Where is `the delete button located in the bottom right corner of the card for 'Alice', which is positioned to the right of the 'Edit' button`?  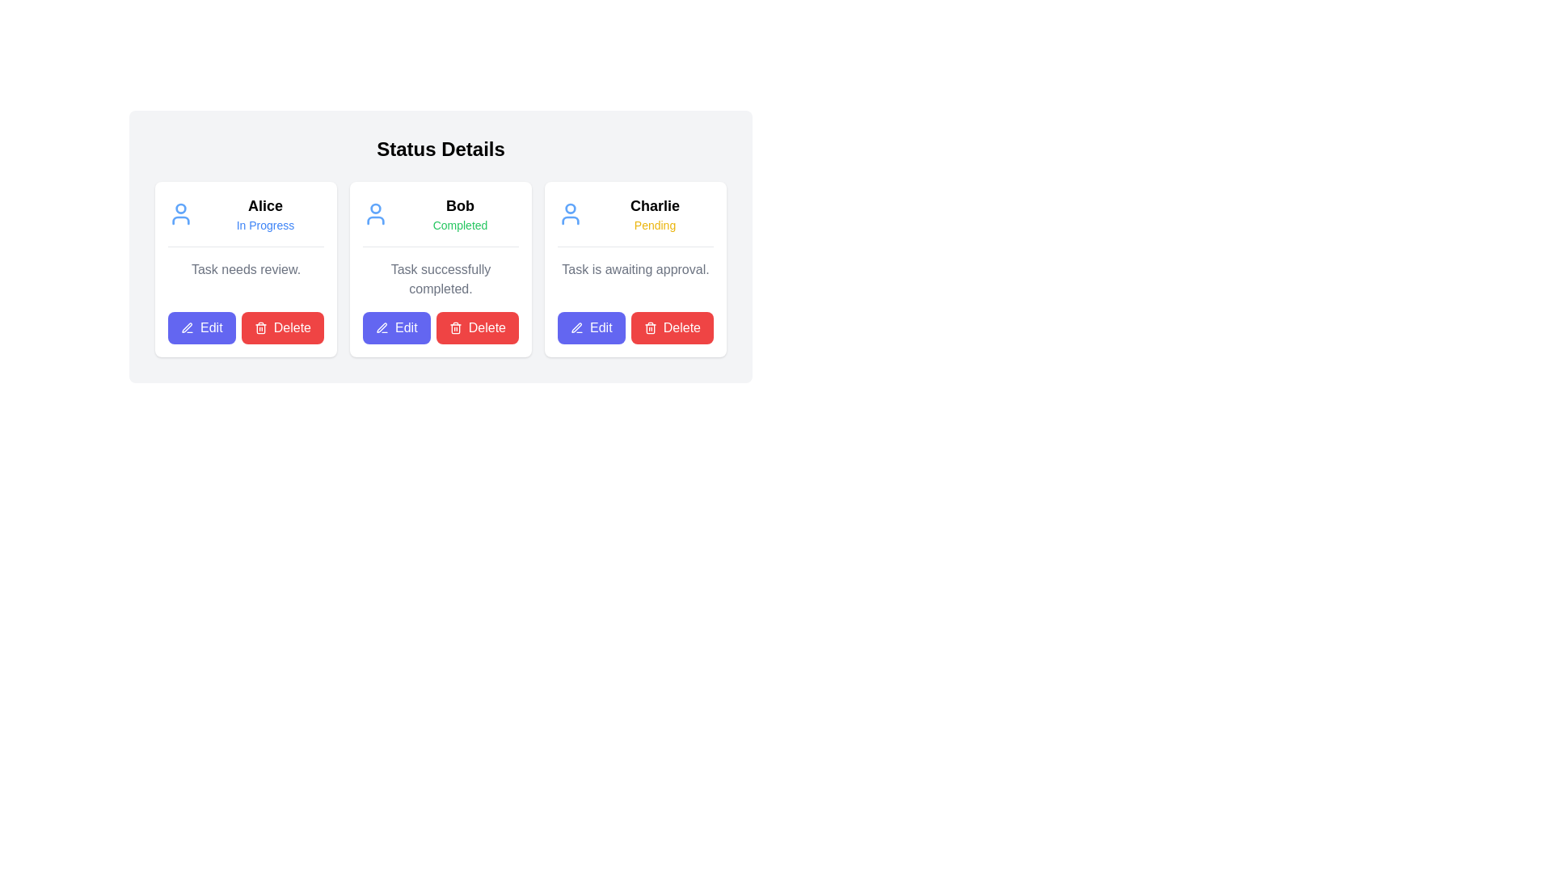 the delete button located in the bottom right corner of the card for 'Alice', which is positioned to the right of the 'Edit' button is located at coordinates (245, 327).